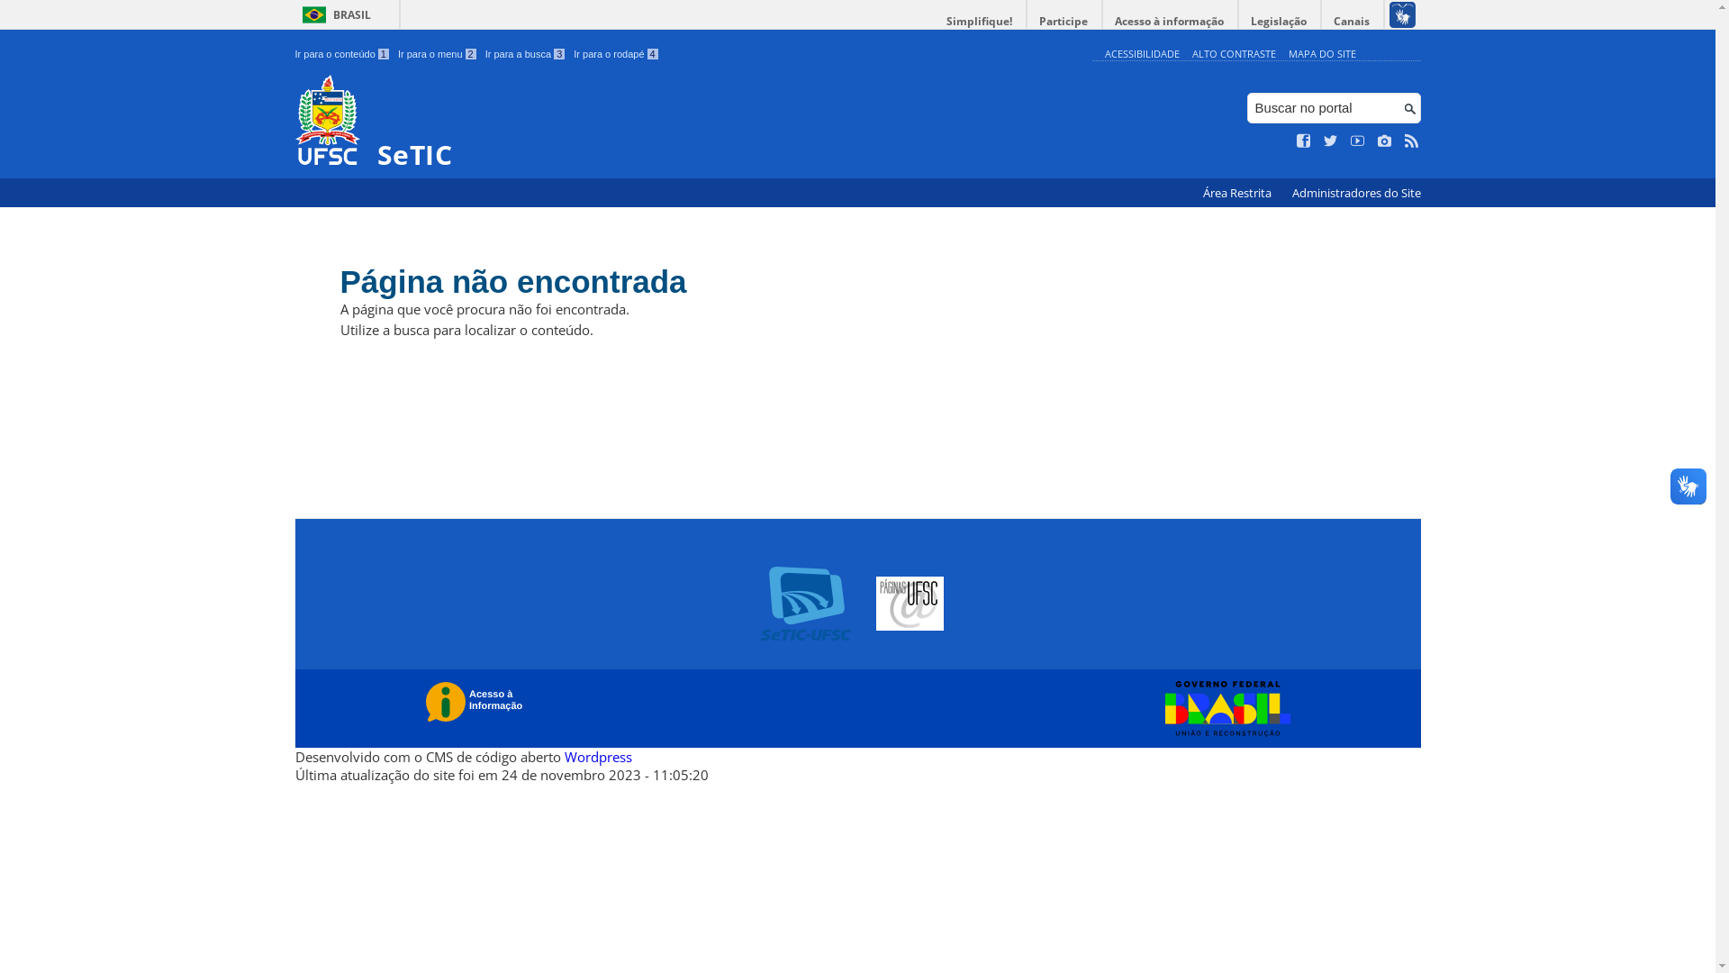 This screenshot has height=973, width=1729. I want to click on 'ALTO CONTRASTE', so click(1192, 52).